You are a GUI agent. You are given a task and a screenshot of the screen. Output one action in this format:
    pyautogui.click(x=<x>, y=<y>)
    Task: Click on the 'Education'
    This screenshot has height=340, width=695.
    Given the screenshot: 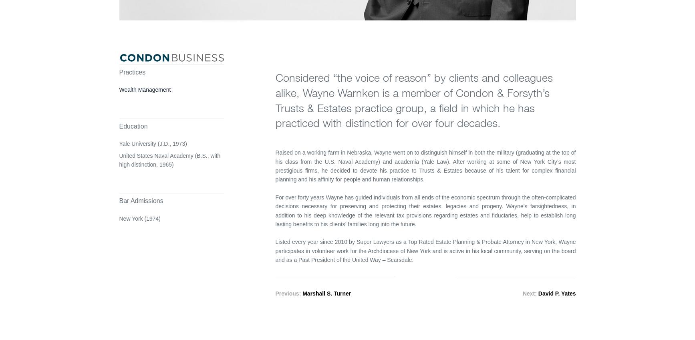 What is the action you would take?
    pyautogui.click(x=133, y=125)
    